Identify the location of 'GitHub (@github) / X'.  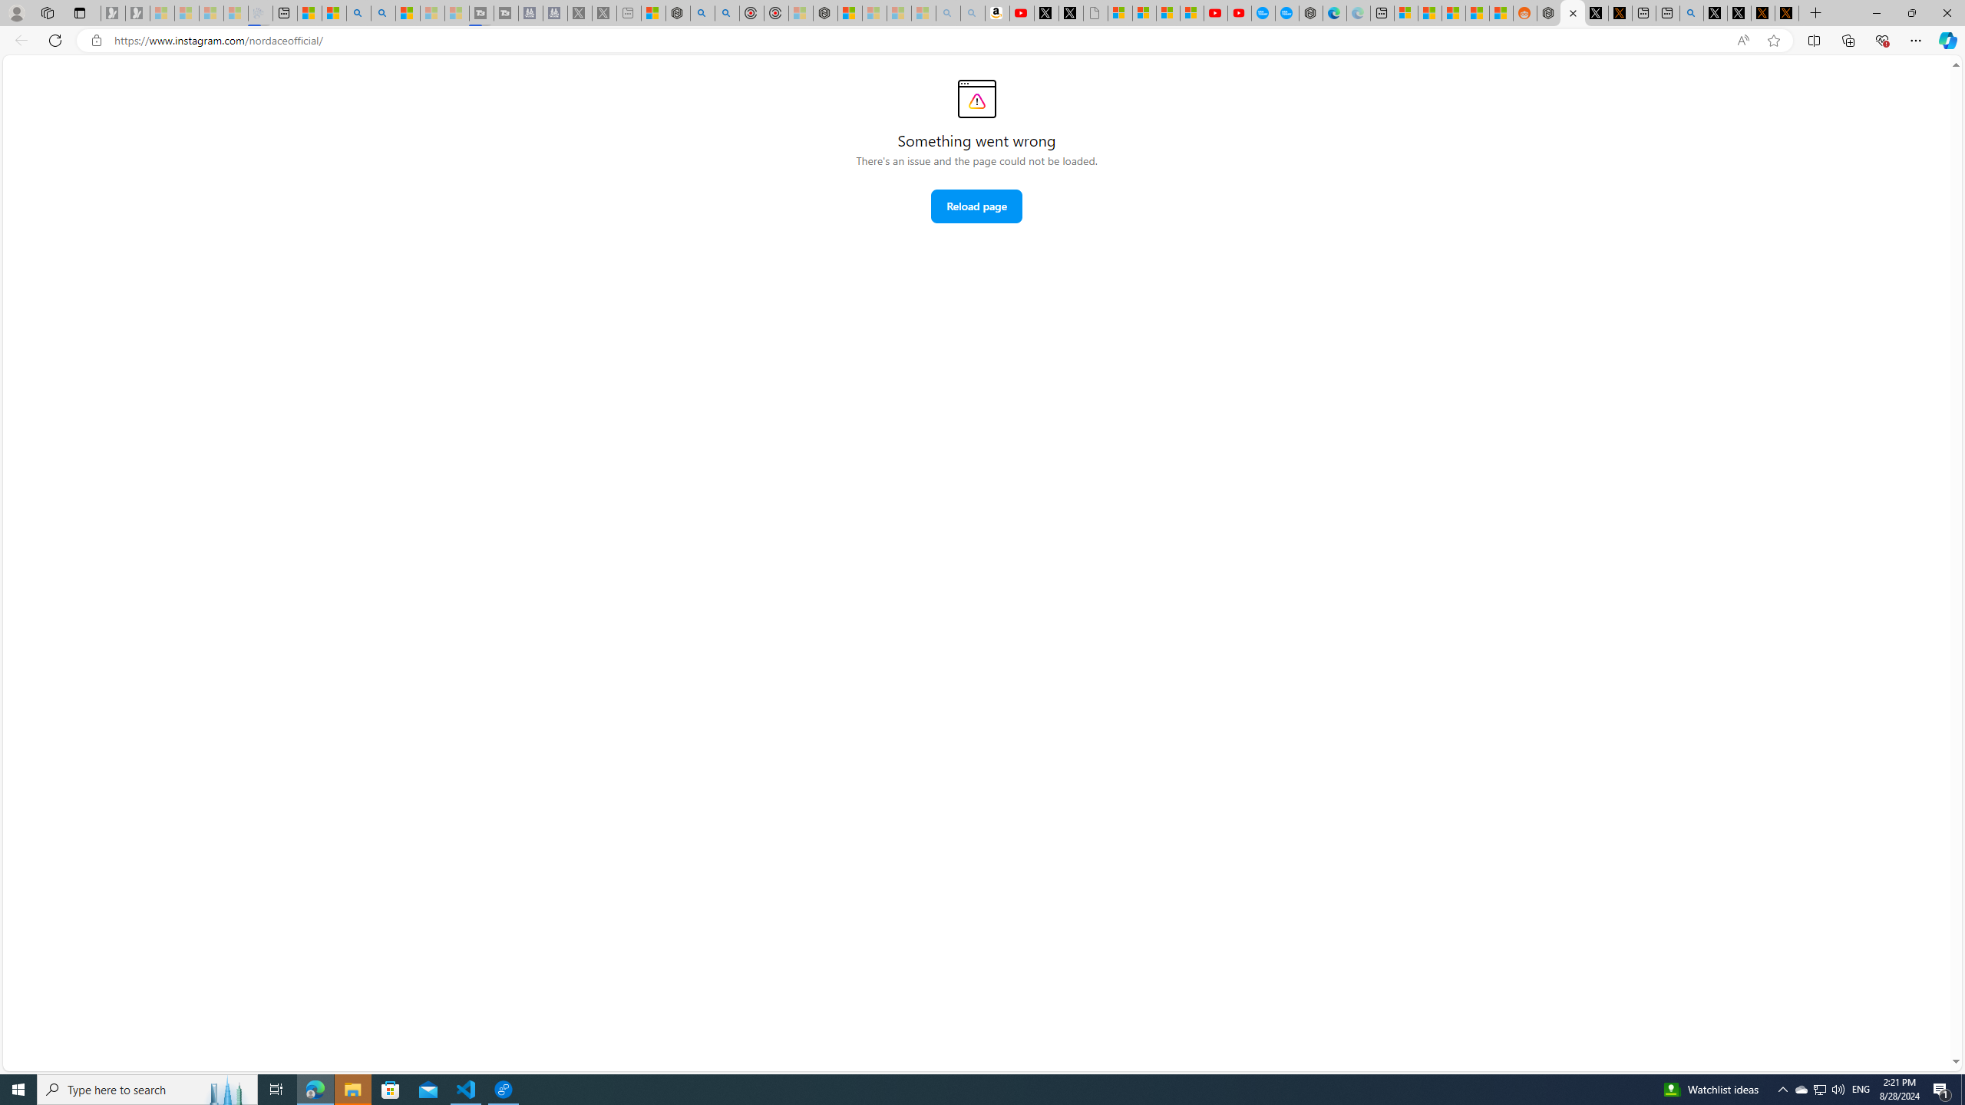
(1739, 12).